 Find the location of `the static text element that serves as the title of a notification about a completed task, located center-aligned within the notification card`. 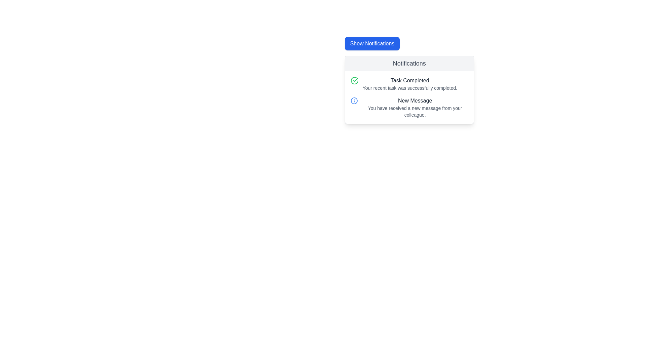

the static text element that serves as the title of a notification about a completed task, located center-aligned within the notification card is located at coordinates (409, 80).